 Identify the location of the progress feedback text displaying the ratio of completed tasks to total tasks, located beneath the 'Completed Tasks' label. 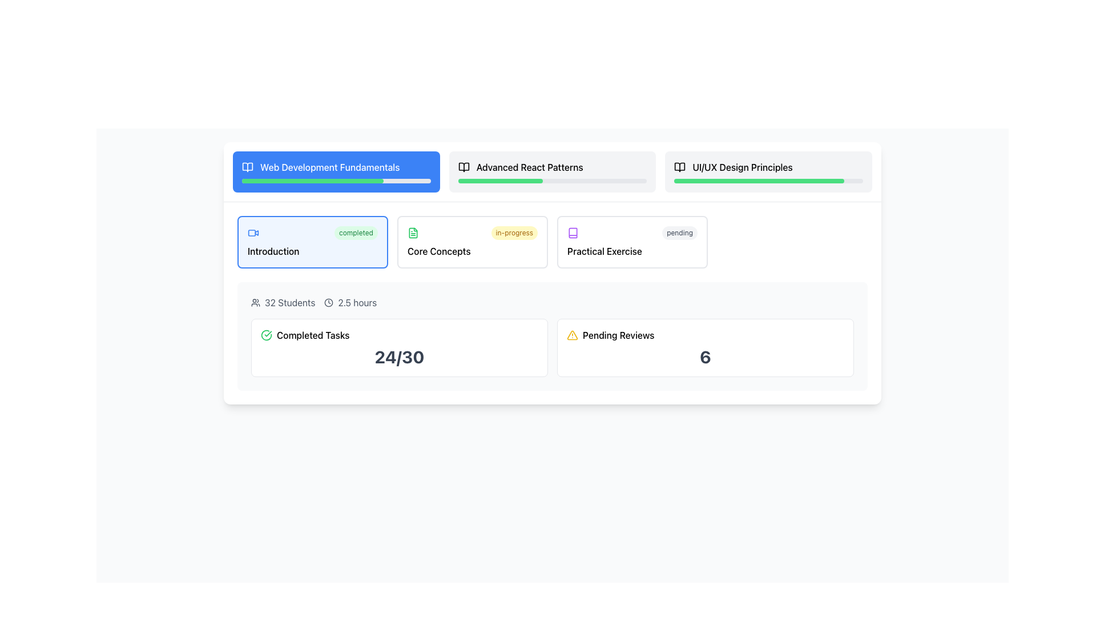
(400, 356).